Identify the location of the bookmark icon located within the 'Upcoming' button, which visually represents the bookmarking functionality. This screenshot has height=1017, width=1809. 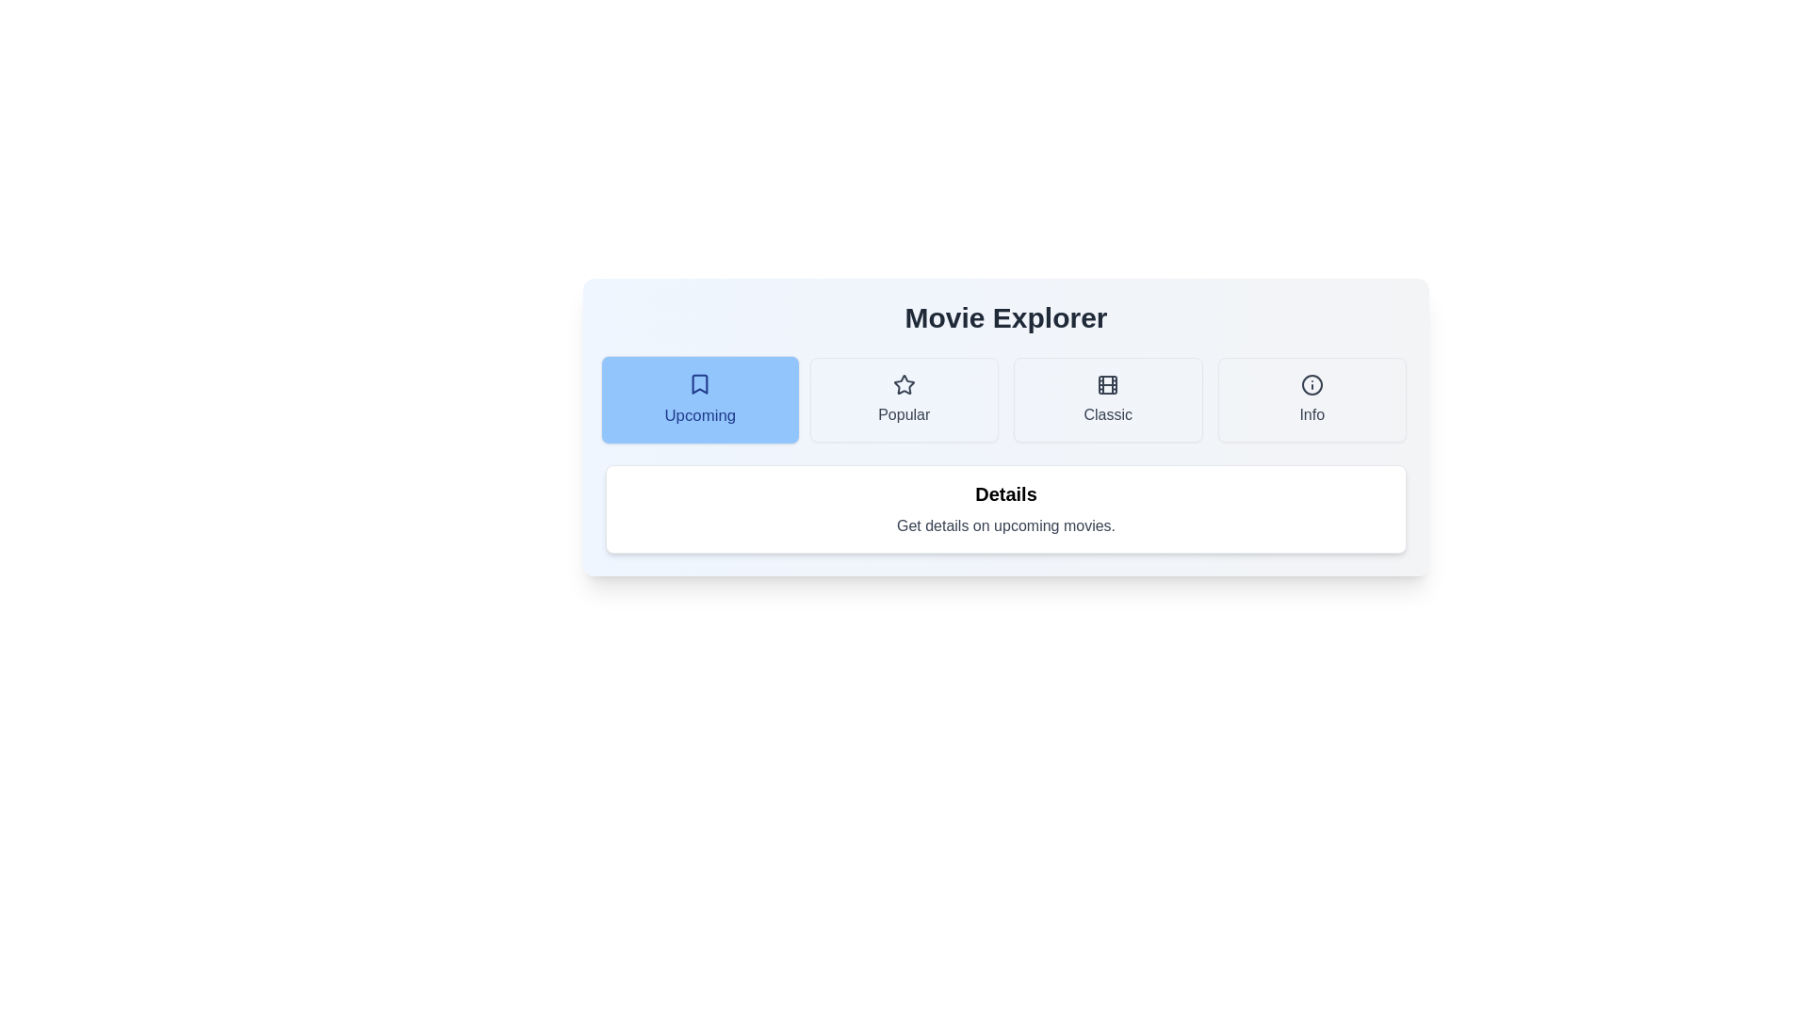
(699, 383).